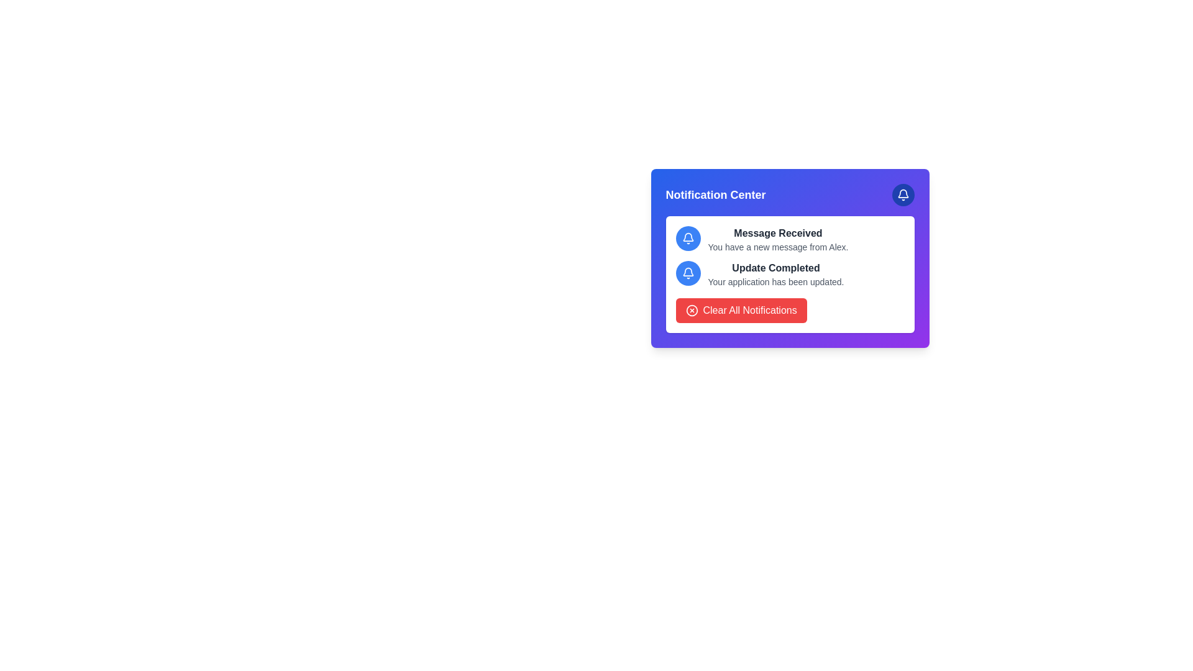 The image size is (1193, 671). What do you see at coordinates (691, 310) in the screenshot?
I see `the outer boundary circle of the cancel or close icon located in the top-right corner of the notification panel` at bounding box center [691, 310].